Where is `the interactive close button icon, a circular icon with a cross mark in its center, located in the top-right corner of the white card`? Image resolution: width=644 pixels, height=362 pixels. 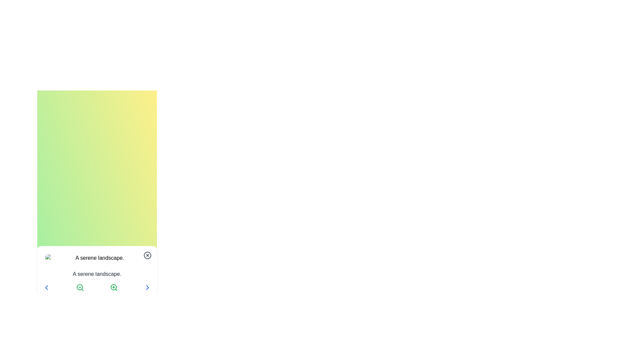 the interactive close button icon, a circular icon with a cross mark in its center, located in the top-right corner of the white card is located at coordinates (147, 255).